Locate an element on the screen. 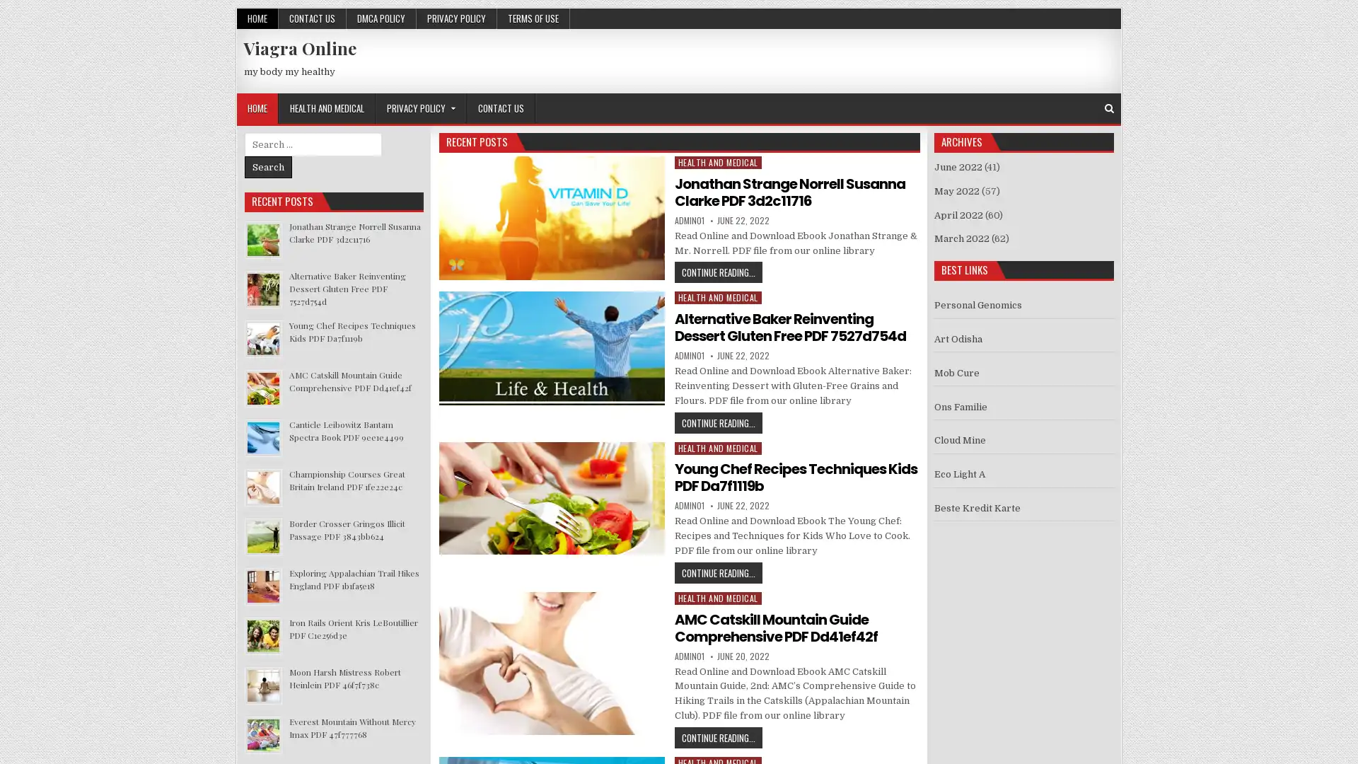 This screenshot has height=764, width=1358. Search is located at coordinates (267, 166).